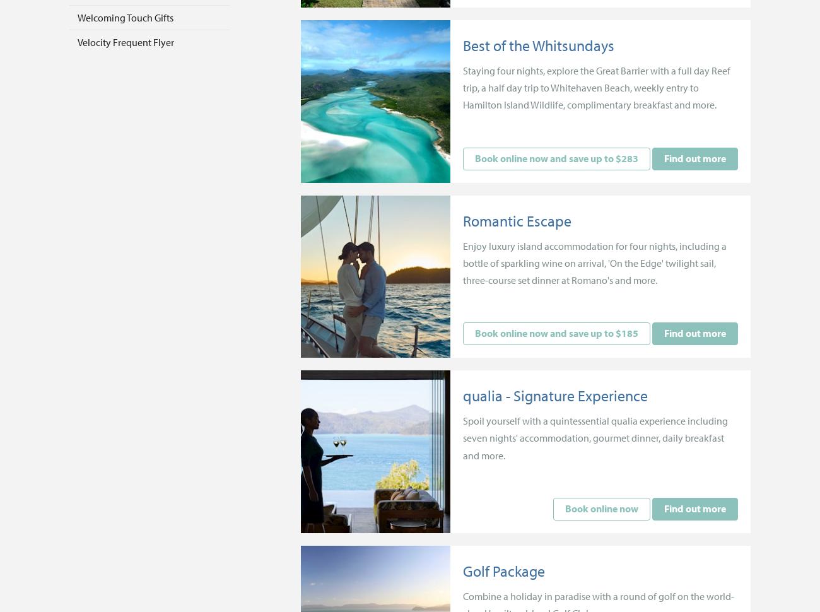  What do you see at coordinates (595, 262) in the screenshot?
I see `'Enjoy luxury island accommodation for four nights, including a bottle of sparkling wine on arrival, 'On the Edge' twilight sail, three-course set dinner at Romano's and more.'` at bounding box center [595, 262].